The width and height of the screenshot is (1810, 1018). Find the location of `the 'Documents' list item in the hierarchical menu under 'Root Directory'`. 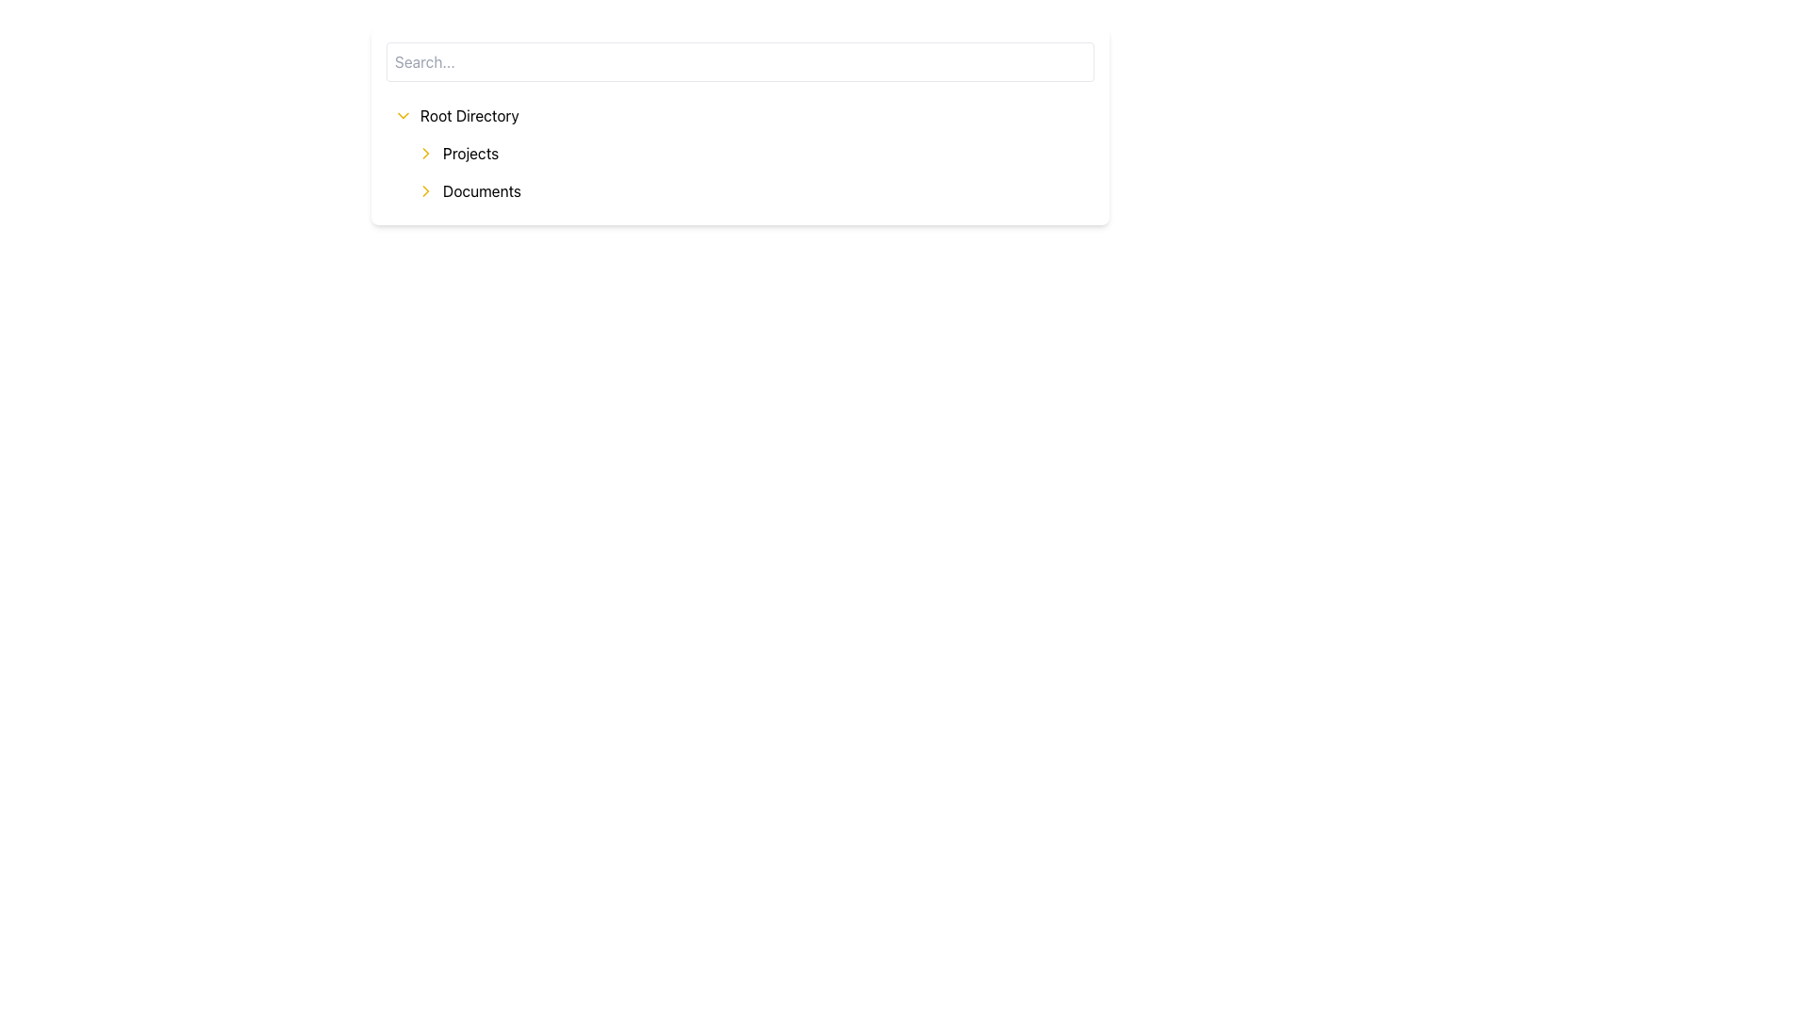

the 'Documents' list item in the hierarchical menu under 'Root Directory' is located at coordinates (750, 191).